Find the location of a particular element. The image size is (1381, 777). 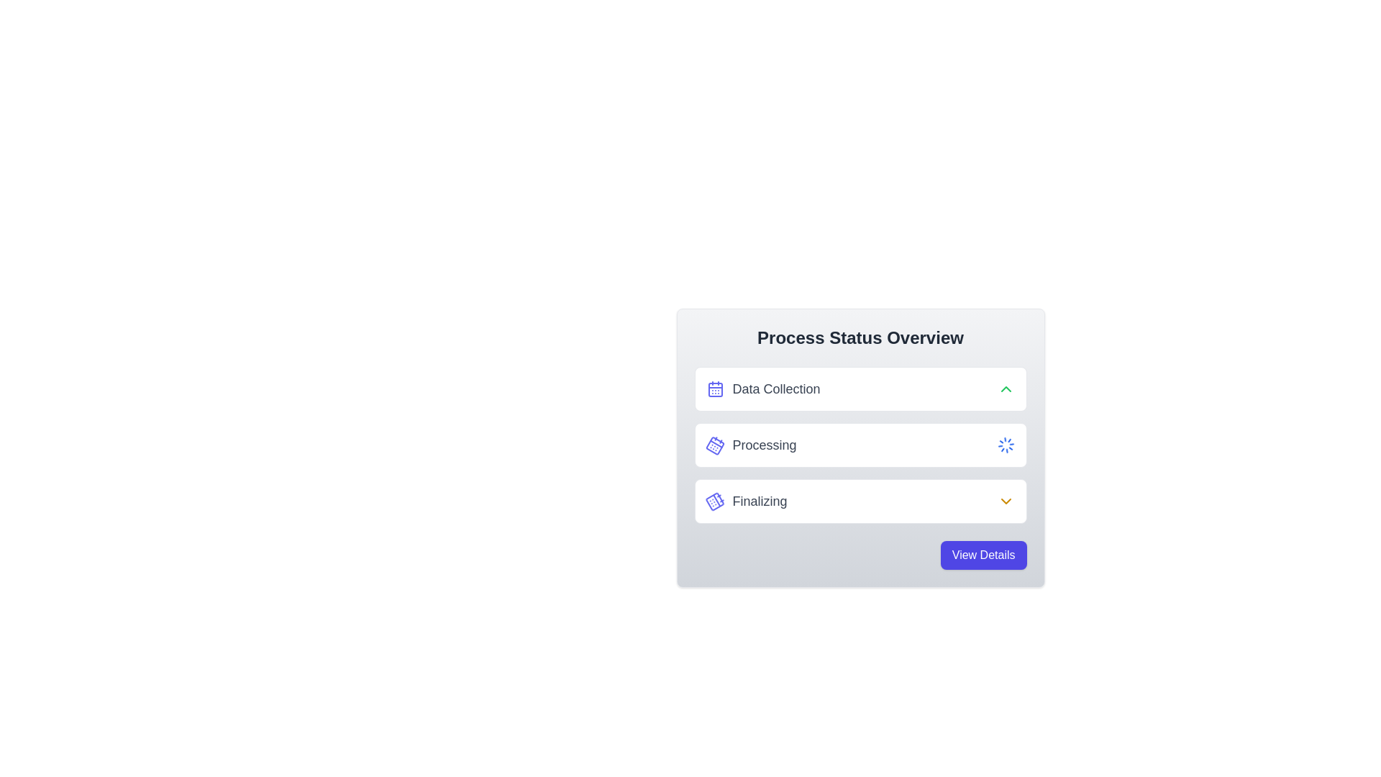

the 'Processing' status icon located on the left side of its row next to the text 'Processing' is located at coordinates (715, 444).